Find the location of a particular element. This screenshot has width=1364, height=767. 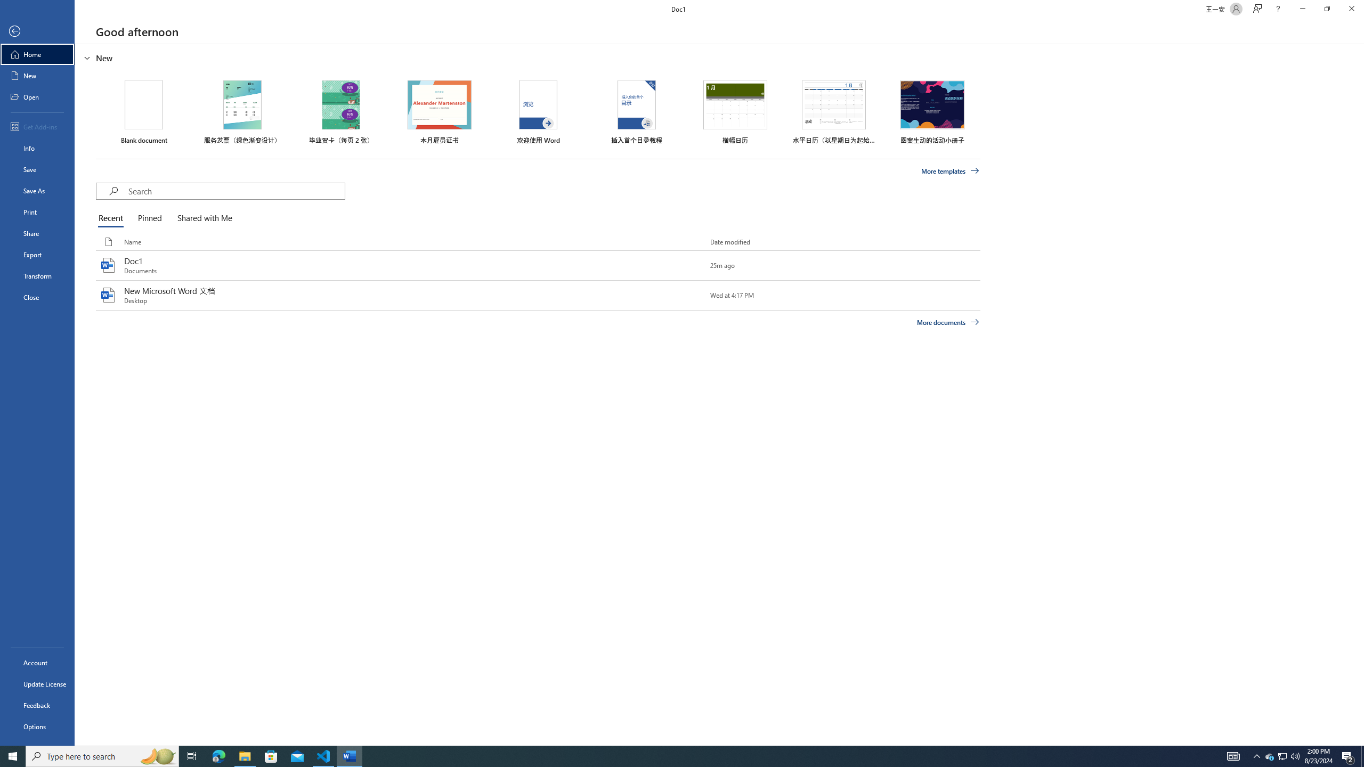

'Share' is located at coordinates (37, 232).